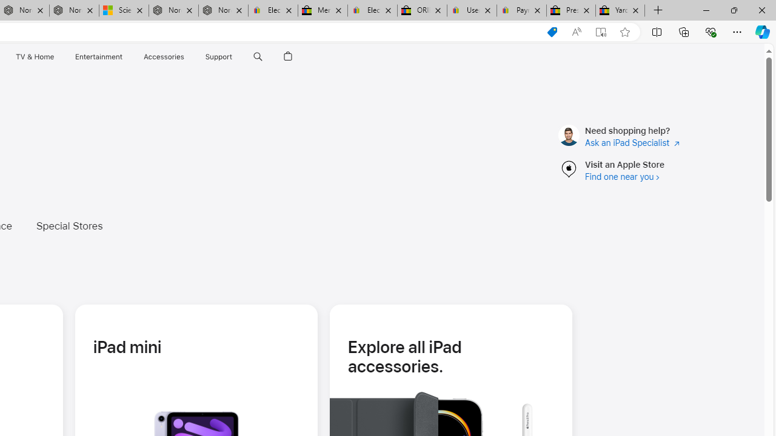  I want to click on 'Shopping Bag', so click(287, 56).